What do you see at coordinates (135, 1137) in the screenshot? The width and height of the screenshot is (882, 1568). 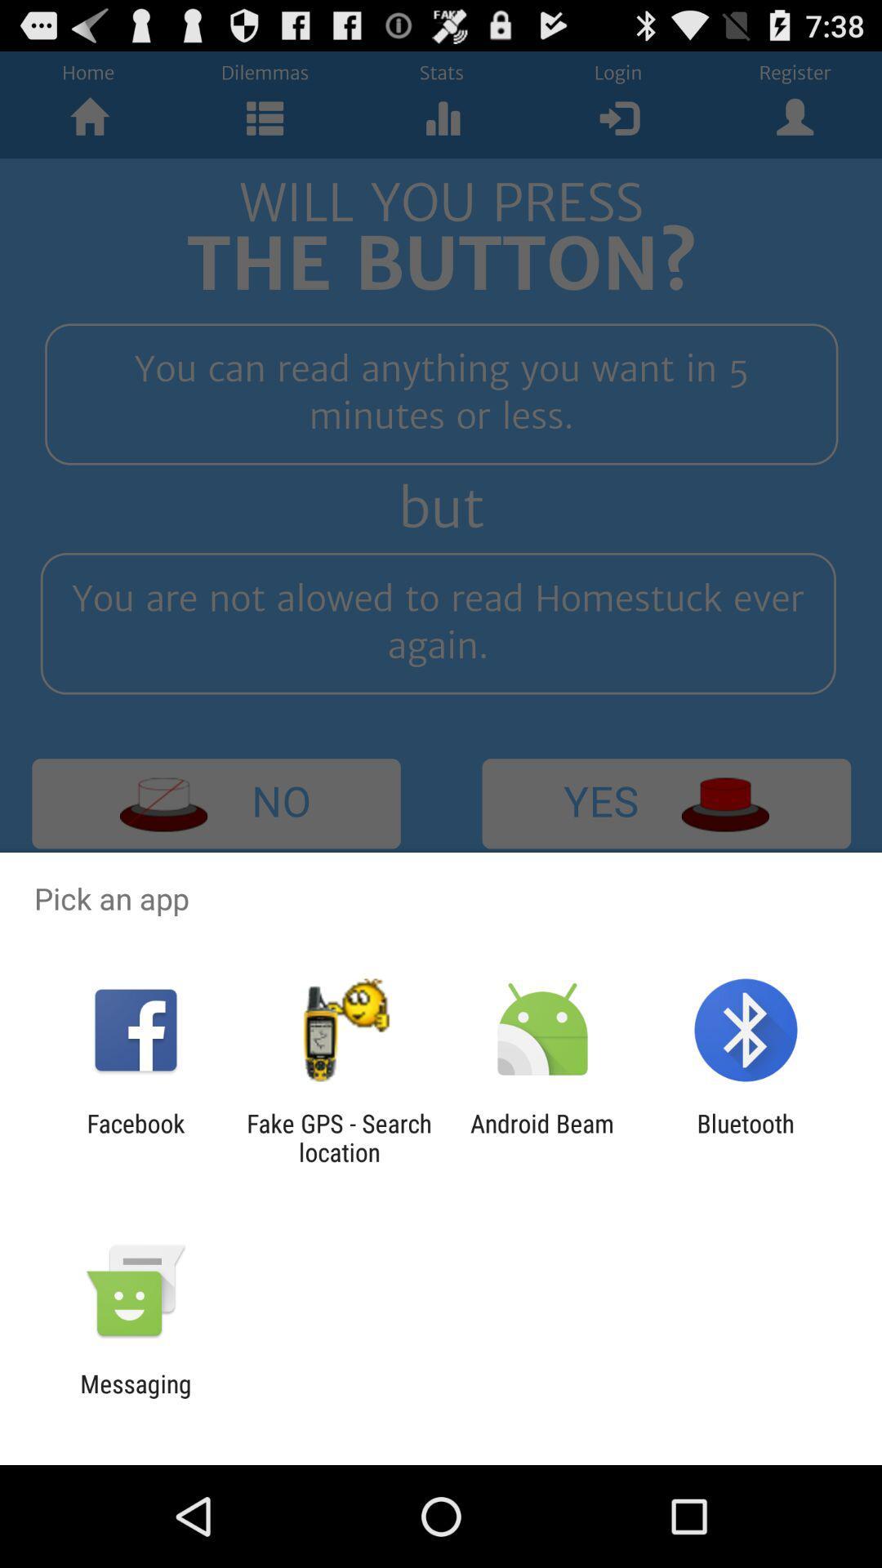 I see `facebook item` at bounding box center [135, 1137].